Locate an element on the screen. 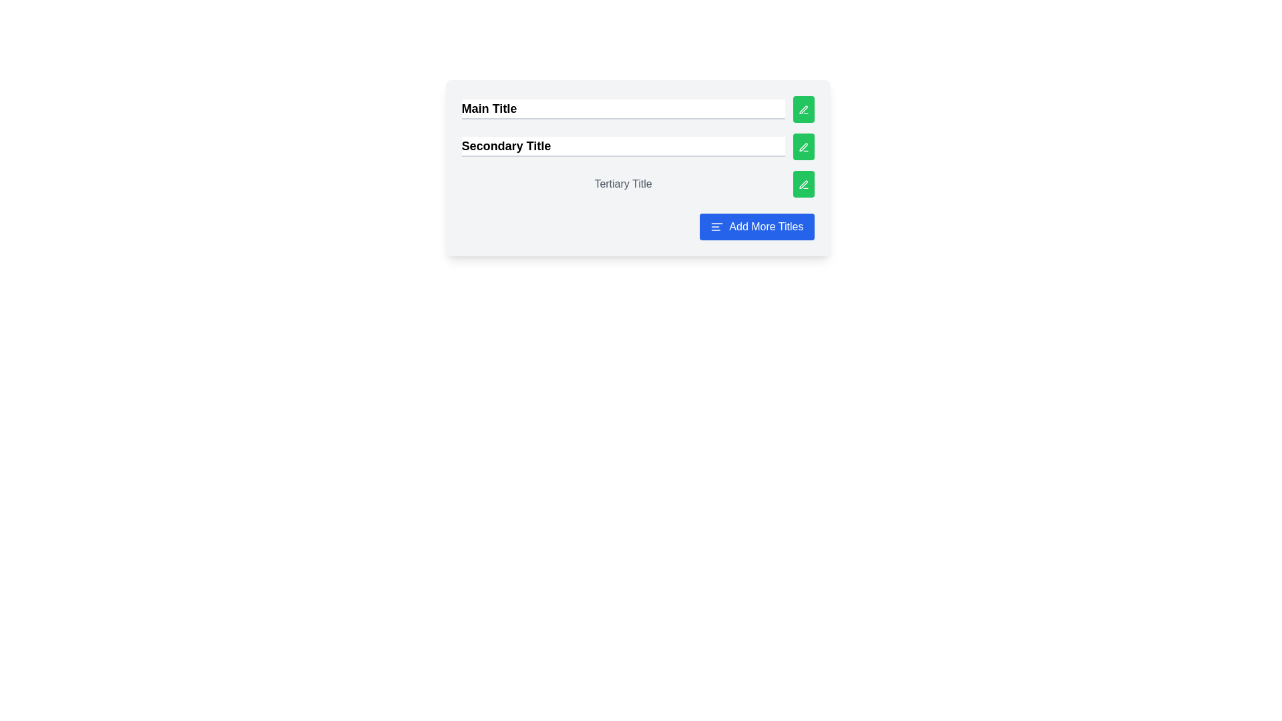 The width and height of the screenshot is (1282, 721). the 'Tertiary Title' text label, which is a gray text that turns black on hover and is positioned above the 'Add More Titles' button is located at coordinates (622, 184).